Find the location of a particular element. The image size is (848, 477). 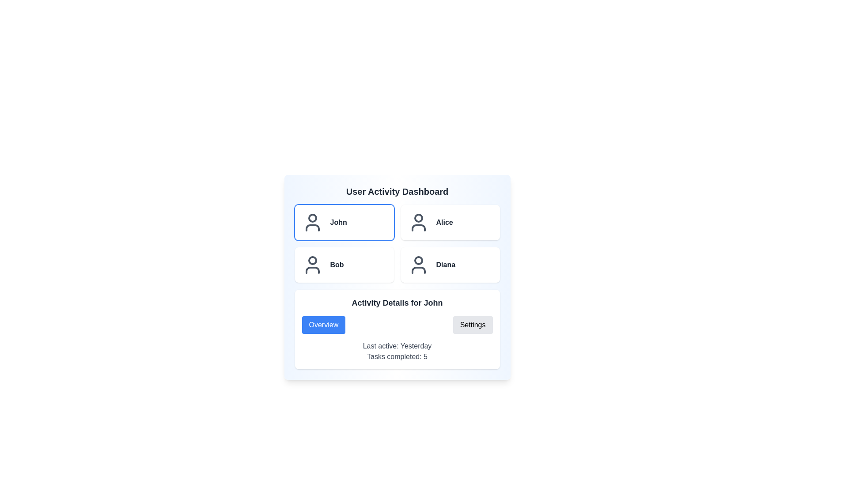

the user profile card for 'Bob' using keyboard navigation is located at coordinates (344, 265).